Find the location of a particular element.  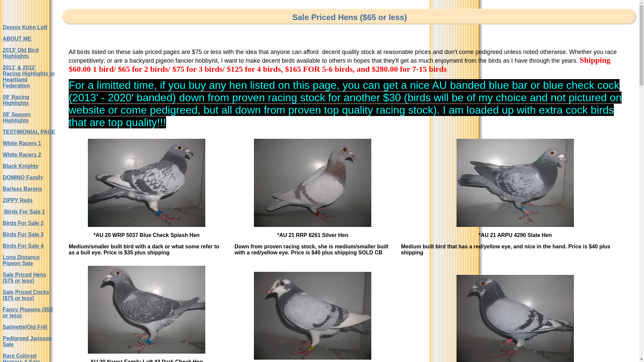

'Long Distance Pigeon Sale' is located at coordinates (21, 260).